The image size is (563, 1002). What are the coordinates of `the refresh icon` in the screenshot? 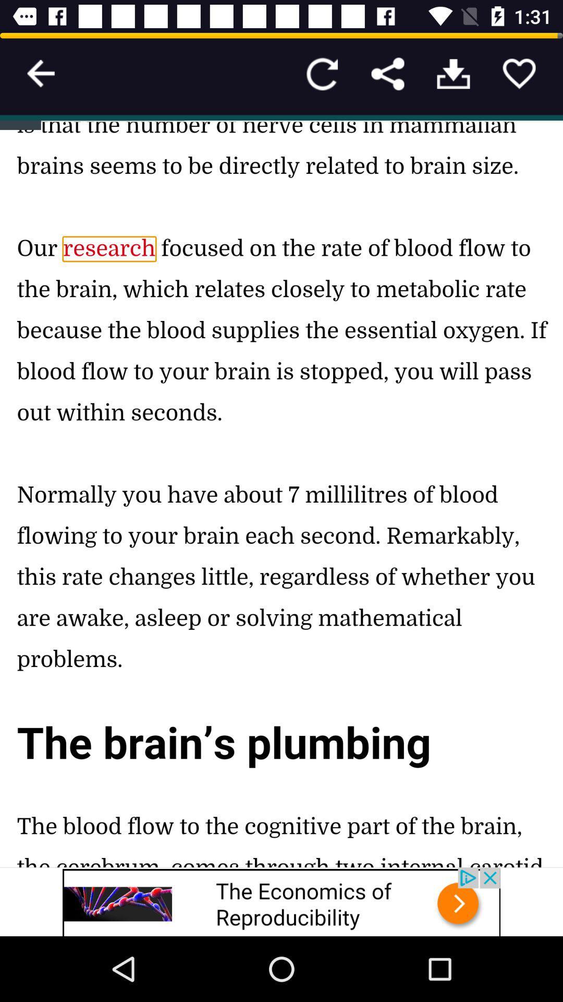 It's located at (321, 73).